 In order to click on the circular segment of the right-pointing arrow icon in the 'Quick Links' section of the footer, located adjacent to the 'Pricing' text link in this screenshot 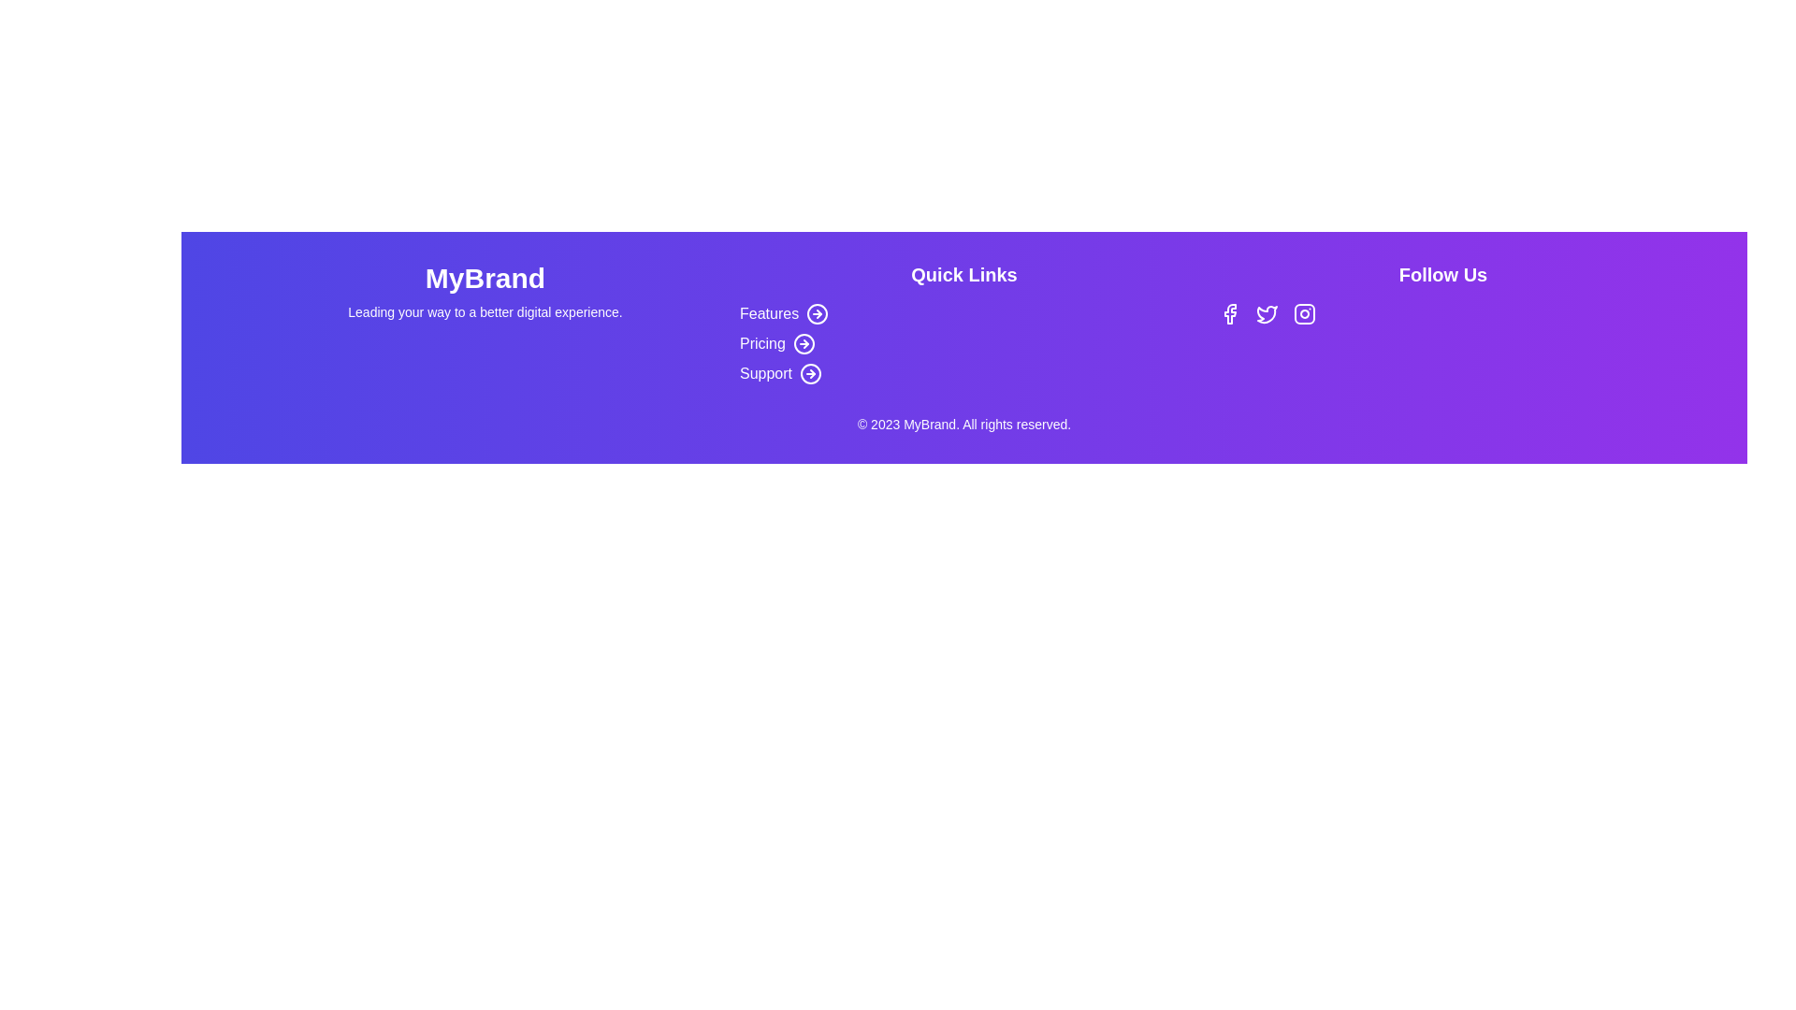, I will do `click(804, 343)`.